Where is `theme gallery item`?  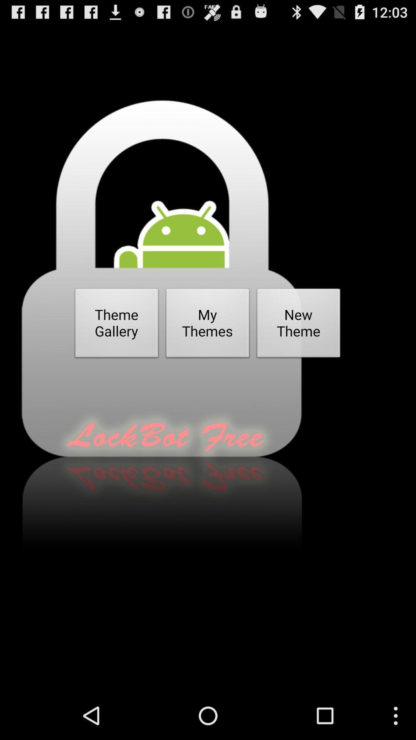
theme gallery item is located at coordinates (117, 325).